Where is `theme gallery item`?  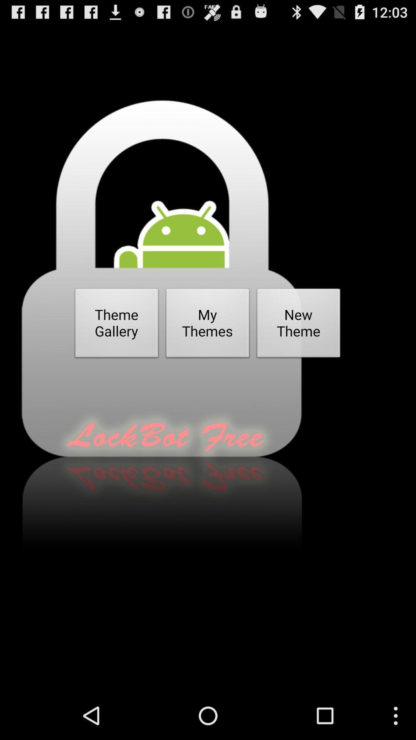
theme gallery item is located at coordinates (117, 325).